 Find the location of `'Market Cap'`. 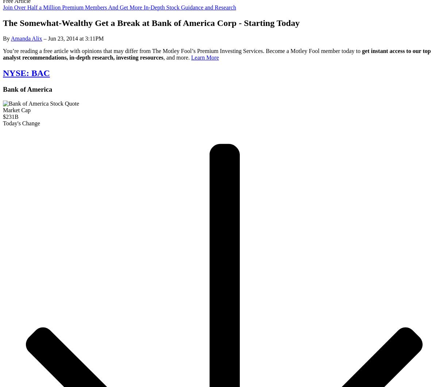

'Market Cap' is located at coordinates (16, 110).